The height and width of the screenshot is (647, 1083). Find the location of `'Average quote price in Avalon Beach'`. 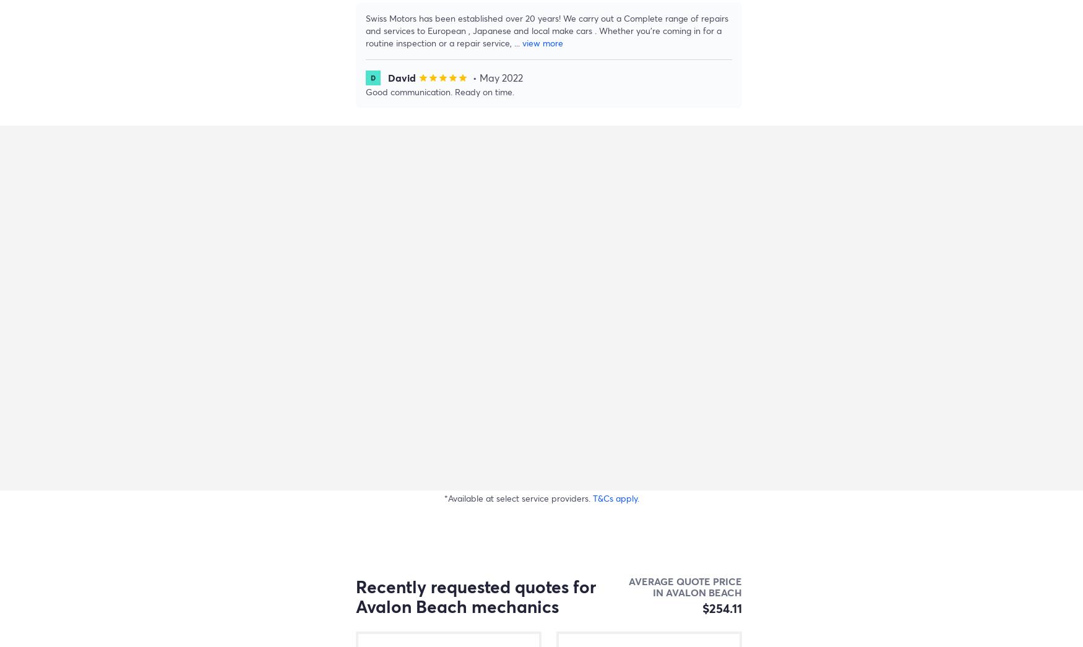

'Average quote price in Avalon Beach' is located at coordinates (685, 586).